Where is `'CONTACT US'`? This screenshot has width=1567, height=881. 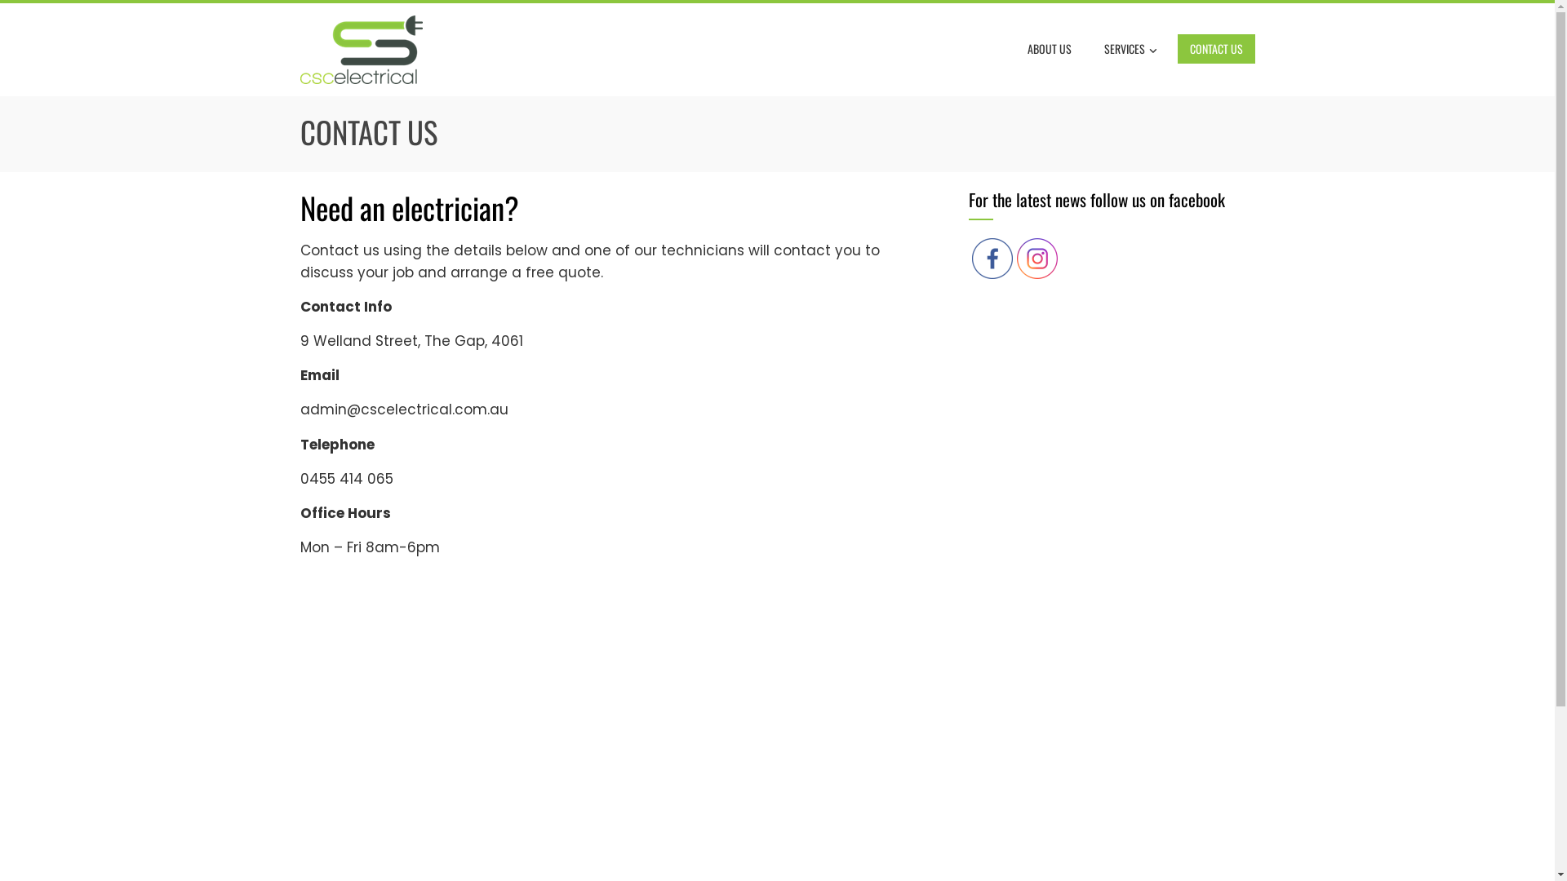
'CONTACT US' is located at coordinates (1176, 48).